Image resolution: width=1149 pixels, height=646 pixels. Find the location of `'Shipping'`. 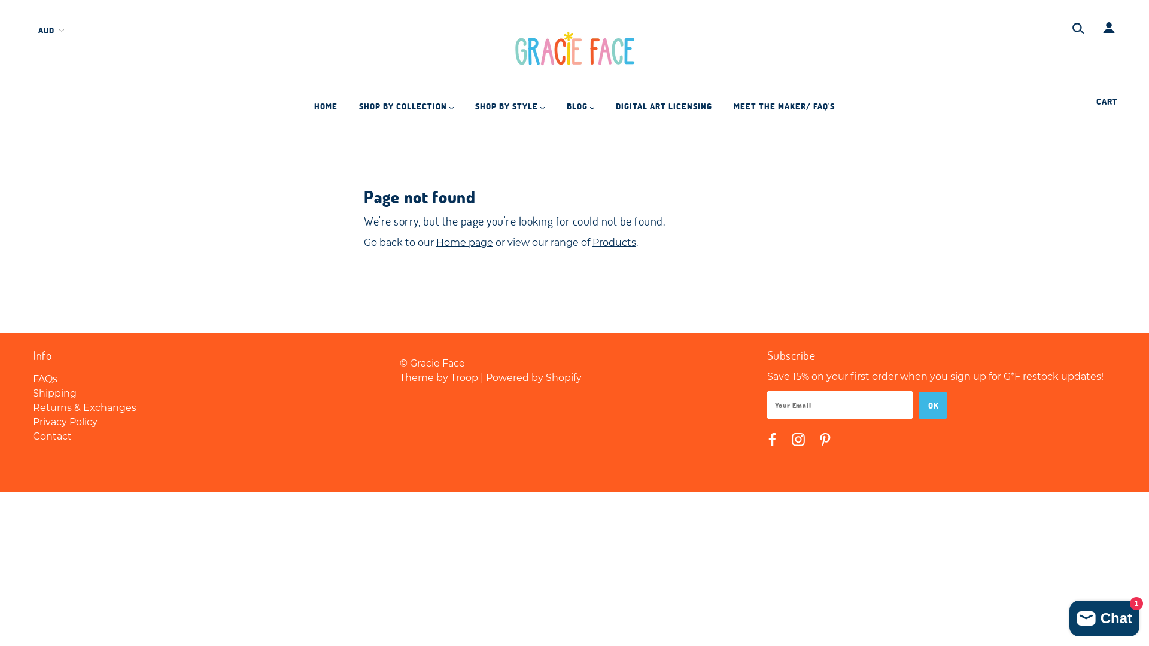

'Shipping' is located at coordinates (54, 393).